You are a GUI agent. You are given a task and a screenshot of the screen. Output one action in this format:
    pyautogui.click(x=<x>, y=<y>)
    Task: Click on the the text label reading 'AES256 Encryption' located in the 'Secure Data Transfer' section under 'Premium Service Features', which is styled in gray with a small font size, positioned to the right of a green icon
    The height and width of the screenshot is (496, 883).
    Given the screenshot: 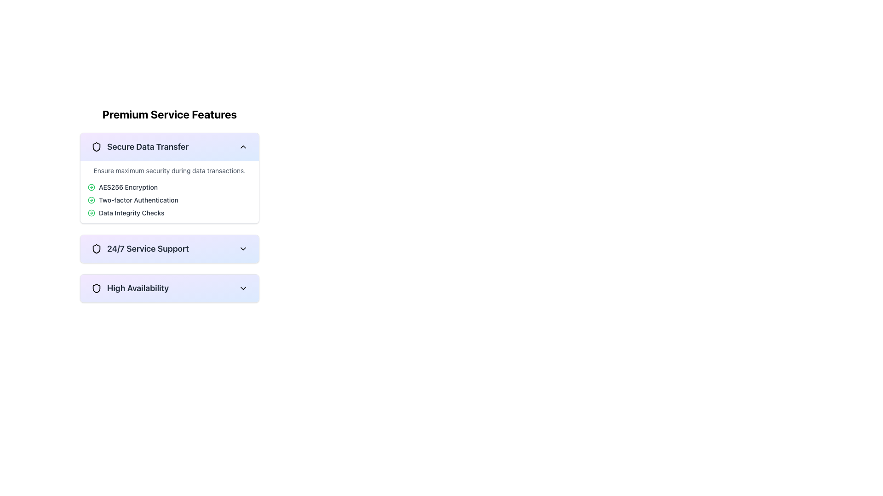 What is the action you would take?
    pyautogui.click(x=127, y=187)
    